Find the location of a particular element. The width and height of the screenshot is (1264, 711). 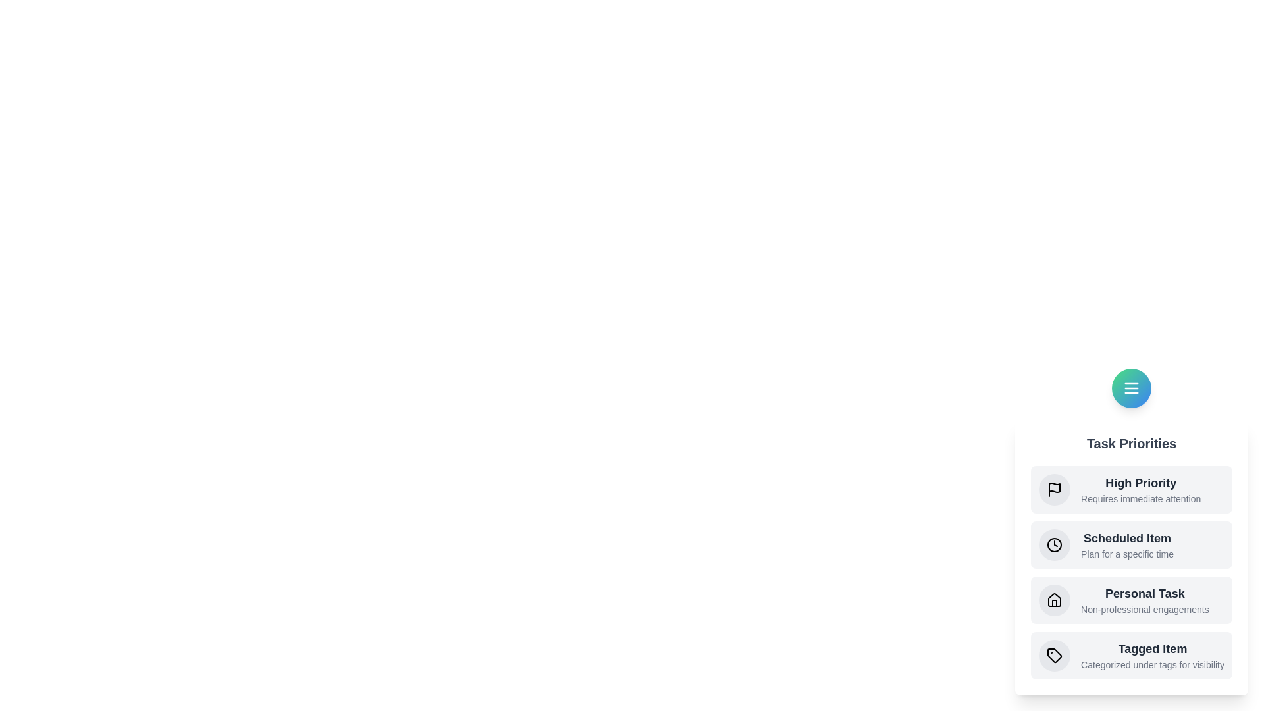

the specified element: personal_task is located at coordinates (1055, 600).